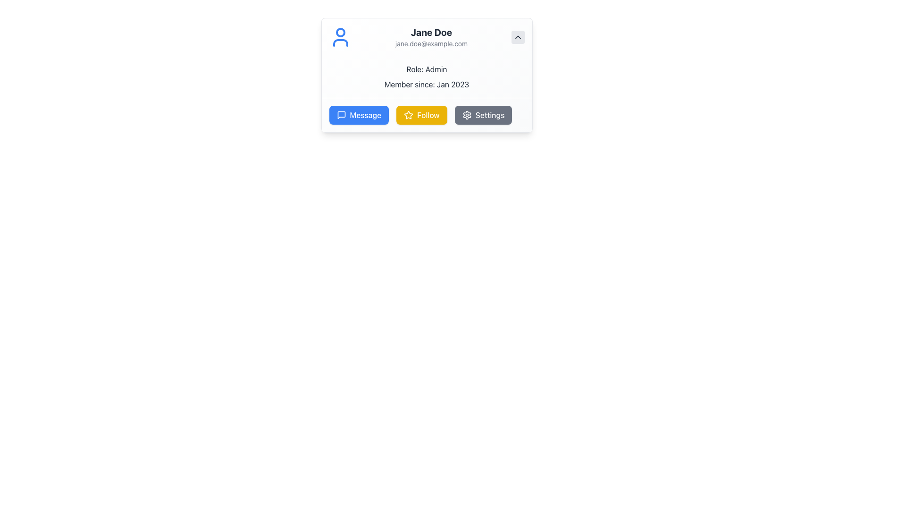 Image resolution: width=906 pixels, height=510 pixels. Describe the element at coordinates (426, 84) in the screenshot. I see `the informational label displaying the membership start date, located under the 'Role: Admin' section within the profile card` at that location.